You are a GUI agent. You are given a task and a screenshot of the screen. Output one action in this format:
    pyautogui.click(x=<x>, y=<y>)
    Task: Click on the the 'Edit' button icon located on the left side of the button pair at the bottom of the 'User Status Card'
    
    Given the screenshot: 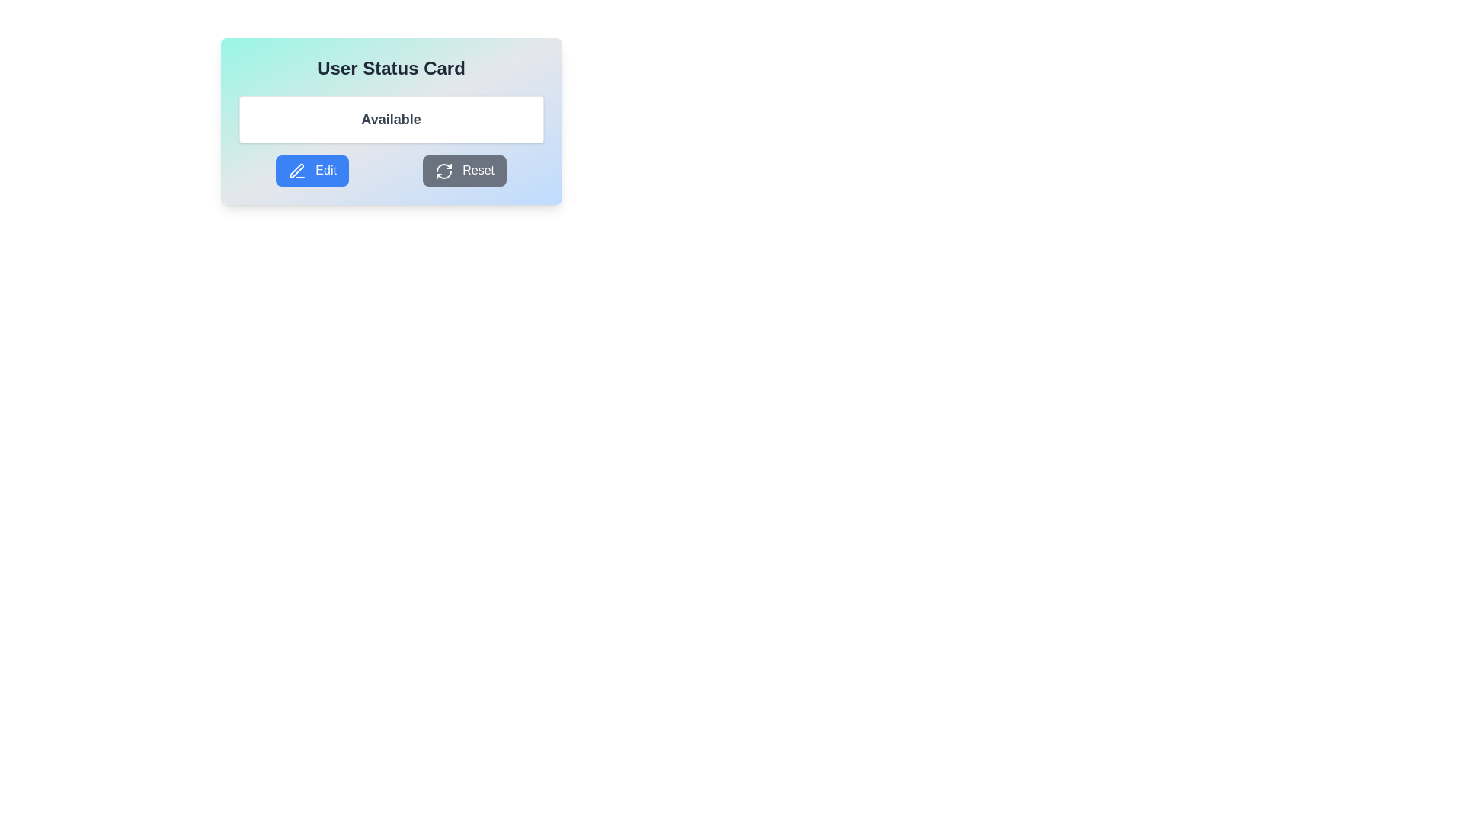 What is the action you would take?
    pyautogui.click(x=296, y=171)
    